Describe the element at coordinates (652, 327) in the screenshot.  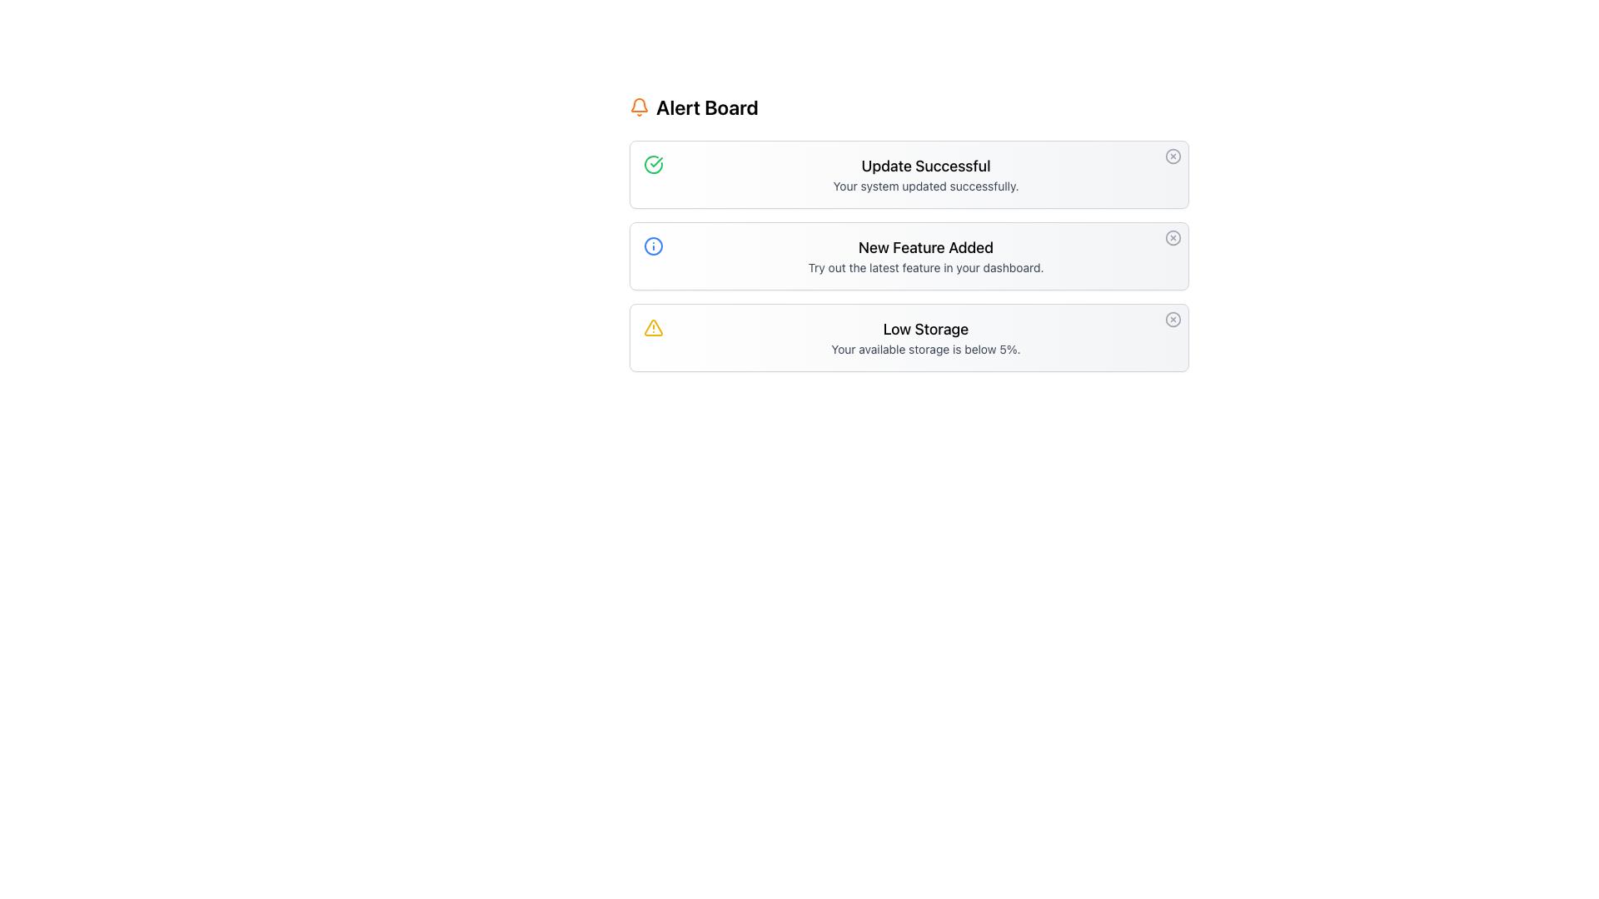
I see `the warning icon indicating 'Low Storage' located in the third card of the 'Alert Board' section` at that location.